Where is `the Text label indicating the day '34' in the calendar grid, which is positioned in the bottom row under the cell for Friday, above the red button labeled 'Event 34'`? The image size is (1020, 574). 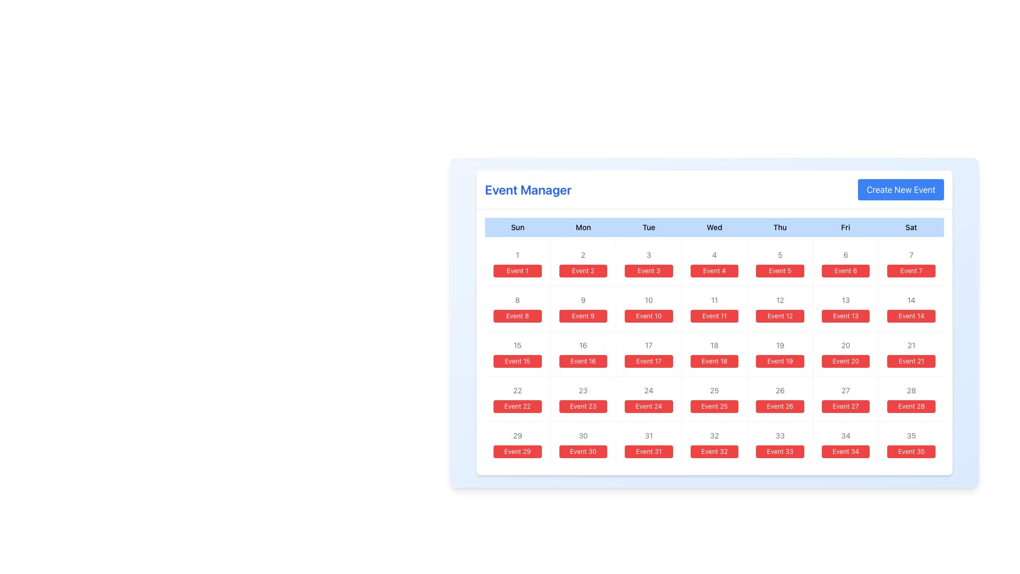
the Text label indicating the day '34' in the calendar grid, which is positioned in the bottom row under the cell for Friday, above the red button labeled 'Event 34' is located at coordinates (845, 436).